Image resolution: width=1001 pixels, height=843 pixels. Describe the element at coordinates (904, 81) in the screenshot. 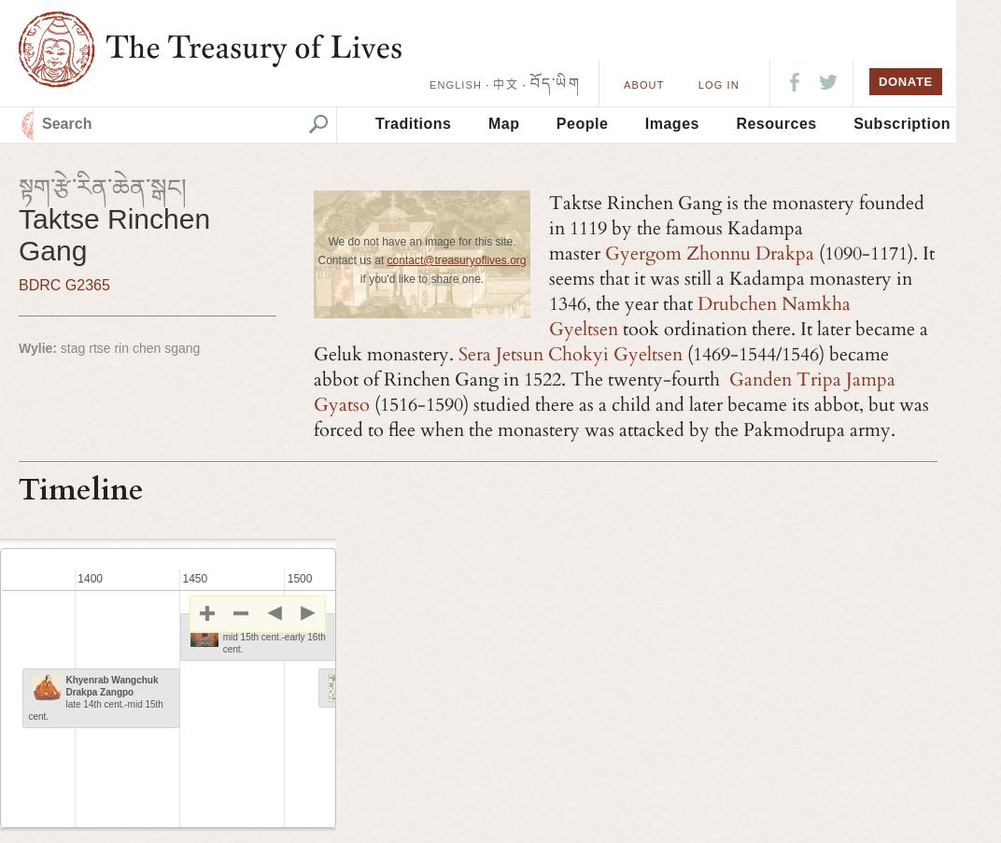

I see `'DONATE'` at that location.